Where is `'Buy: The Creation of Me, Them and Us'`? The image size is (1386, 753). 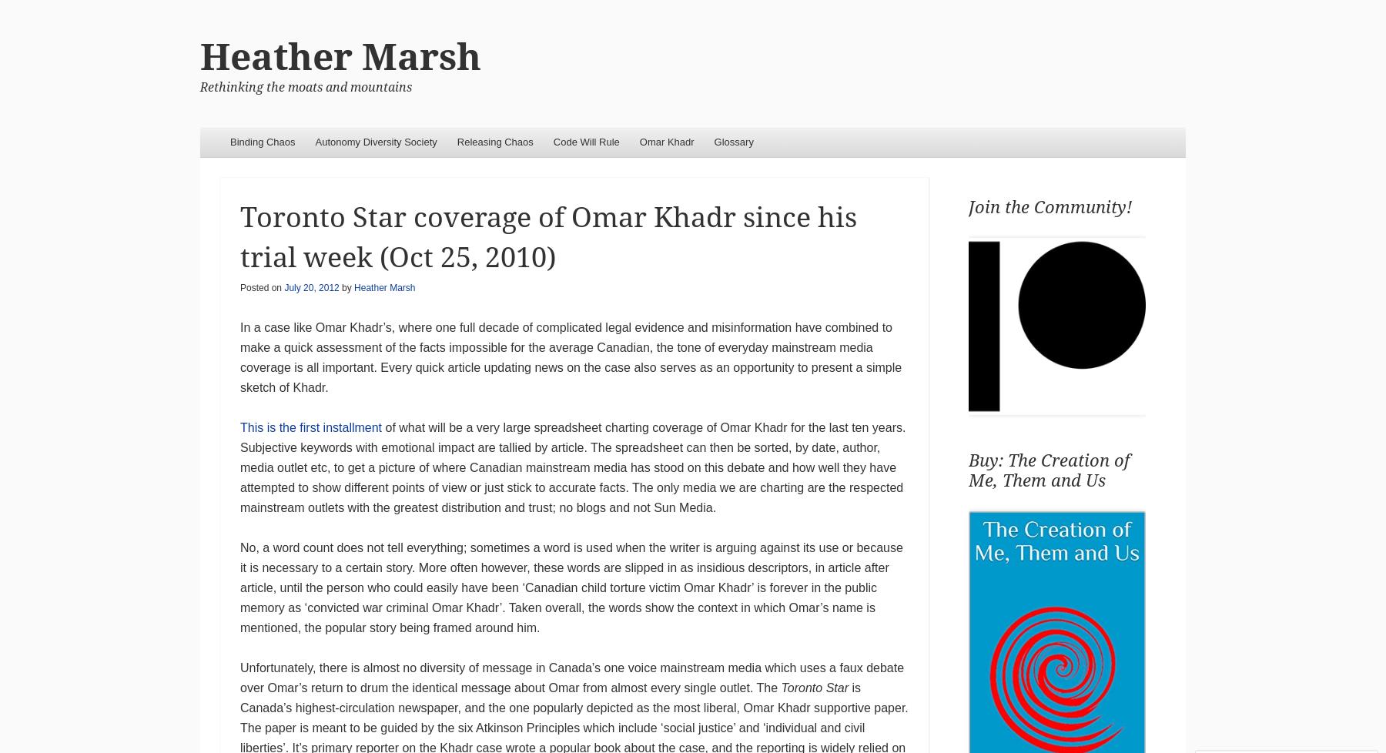
'Buy: The Creation of Me, Them and Us' is located at coordinates (1047, 470).